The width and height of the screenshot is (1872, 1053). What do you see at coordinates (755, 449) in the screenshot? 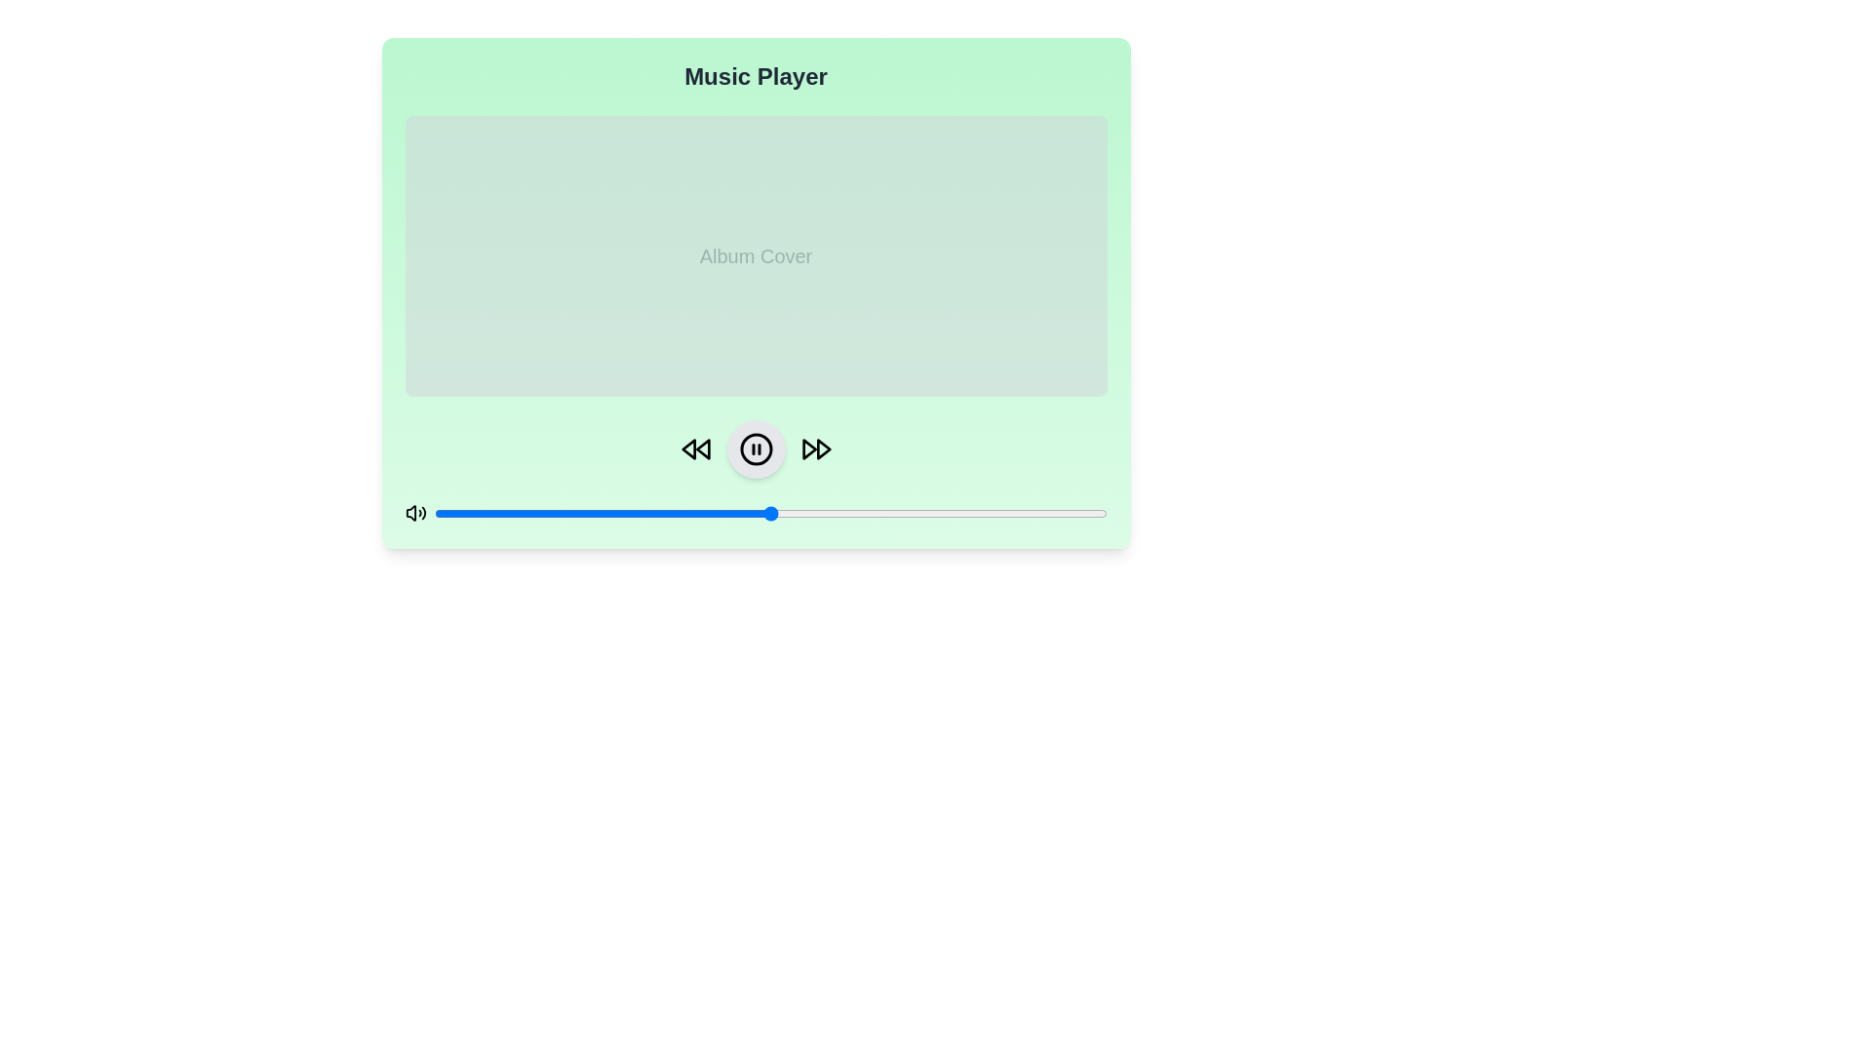
I see `the central button in the audio control section to trigger visual feedback` at bounding box center [755, 449].